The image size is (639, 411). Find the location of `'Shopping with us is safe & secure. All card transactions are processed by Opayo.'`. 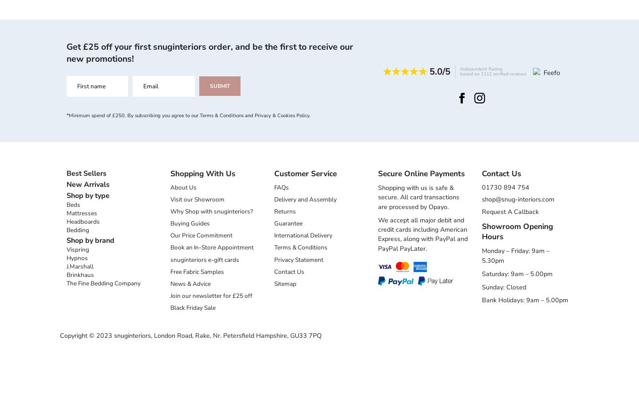

'Shopping with us is safe & secure. All card transactions are processed by Opayo.' is located at coordinates (418, 197).